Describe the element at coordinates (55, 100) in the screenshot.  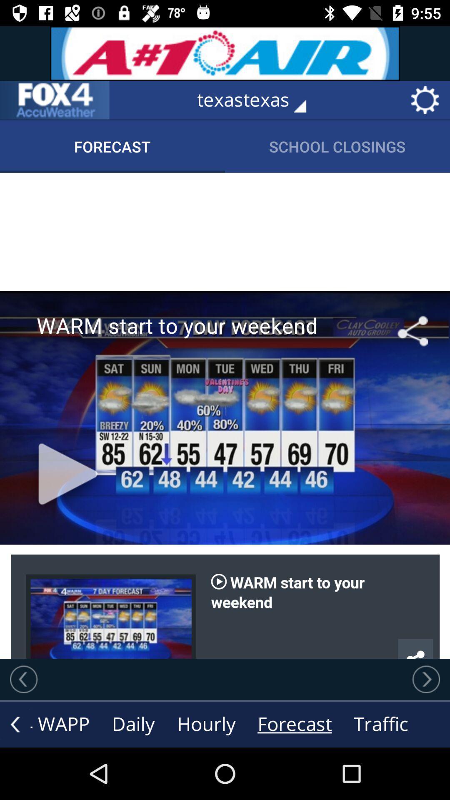
I see `weather` at that location.